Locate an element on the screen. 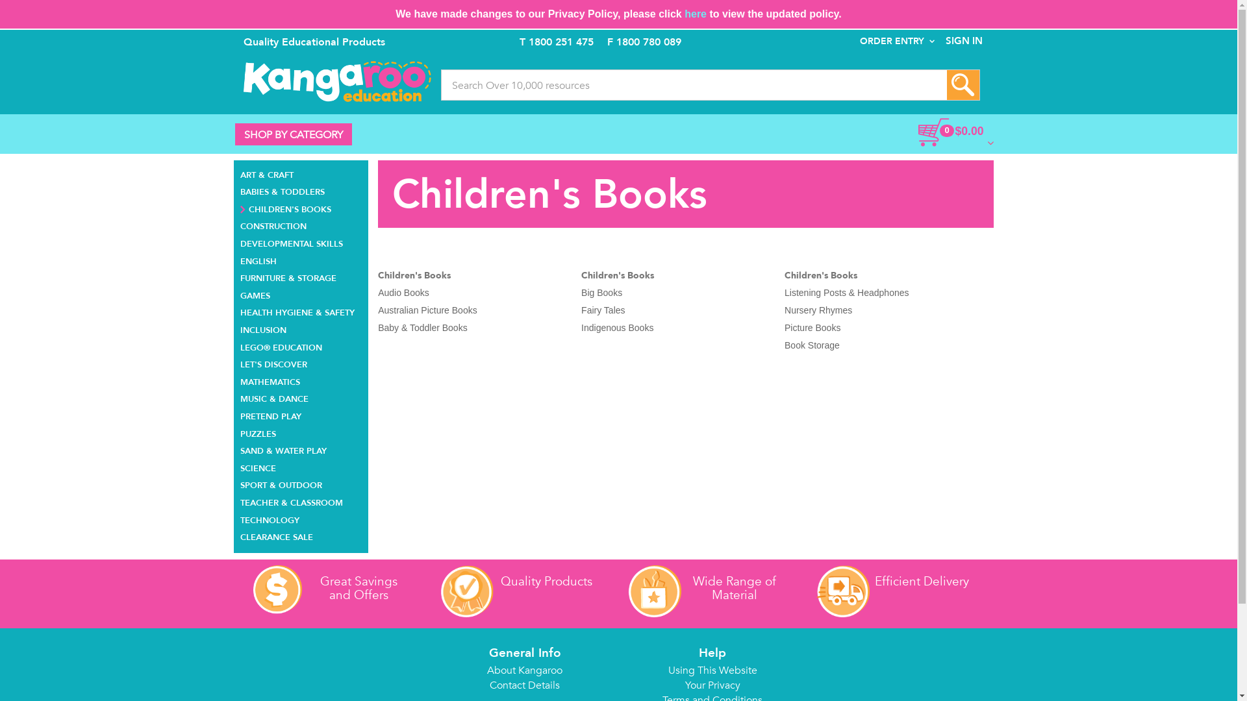 This screenshot has width=1247, height=701. 'CONSTRUCTION' is located at coordinates (240, 224).